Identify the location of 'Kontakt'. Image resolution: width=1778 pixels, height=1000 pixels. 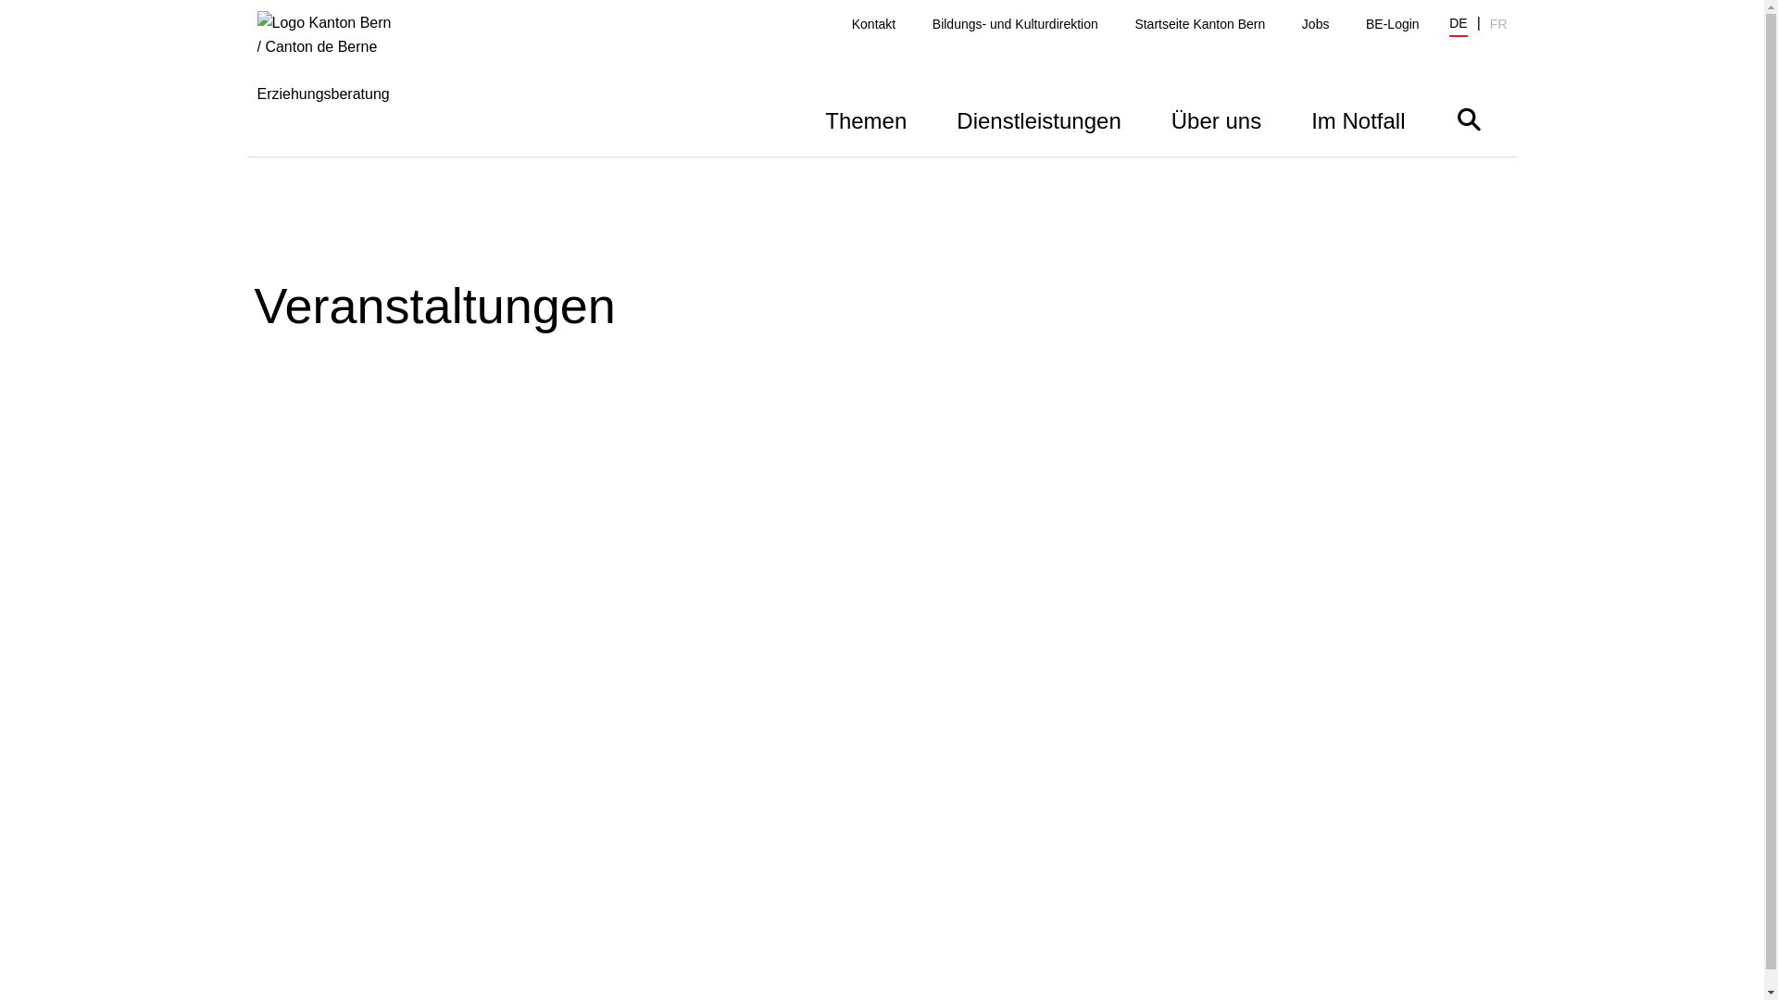
(851, 24).